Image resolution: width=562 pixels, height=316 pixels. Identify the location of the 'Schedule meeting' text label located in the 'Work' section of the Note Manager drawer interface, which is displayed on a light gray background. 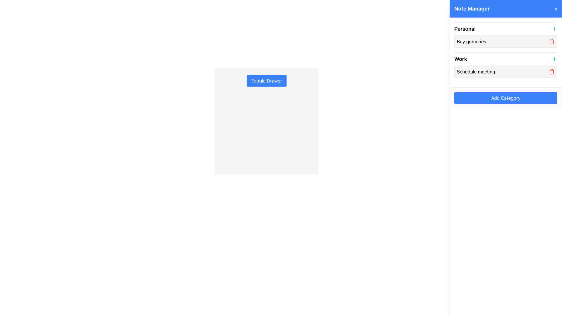
(476, 71).